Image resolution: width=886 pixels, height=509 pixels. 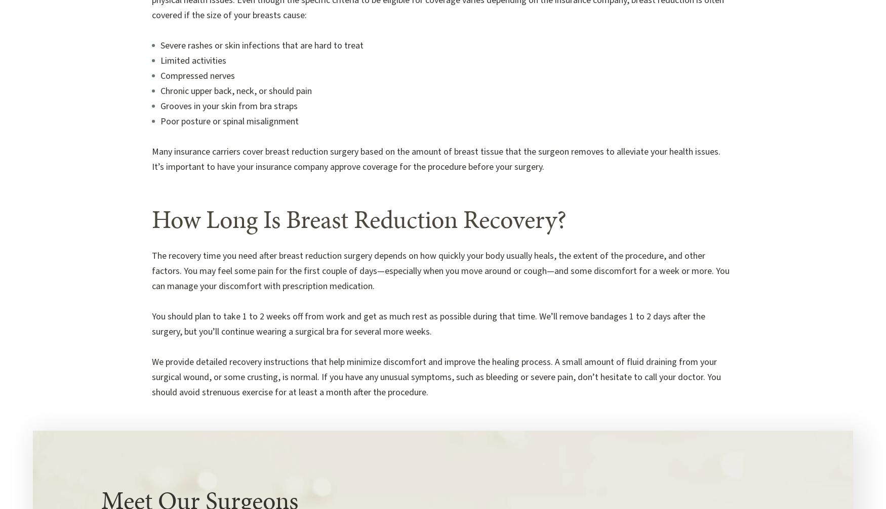 What do you see at coordinates (359, 219) in the screenshot?
I see `'How Long Is Breast Reduction Recovery?'` at bounding box center [359, 219].